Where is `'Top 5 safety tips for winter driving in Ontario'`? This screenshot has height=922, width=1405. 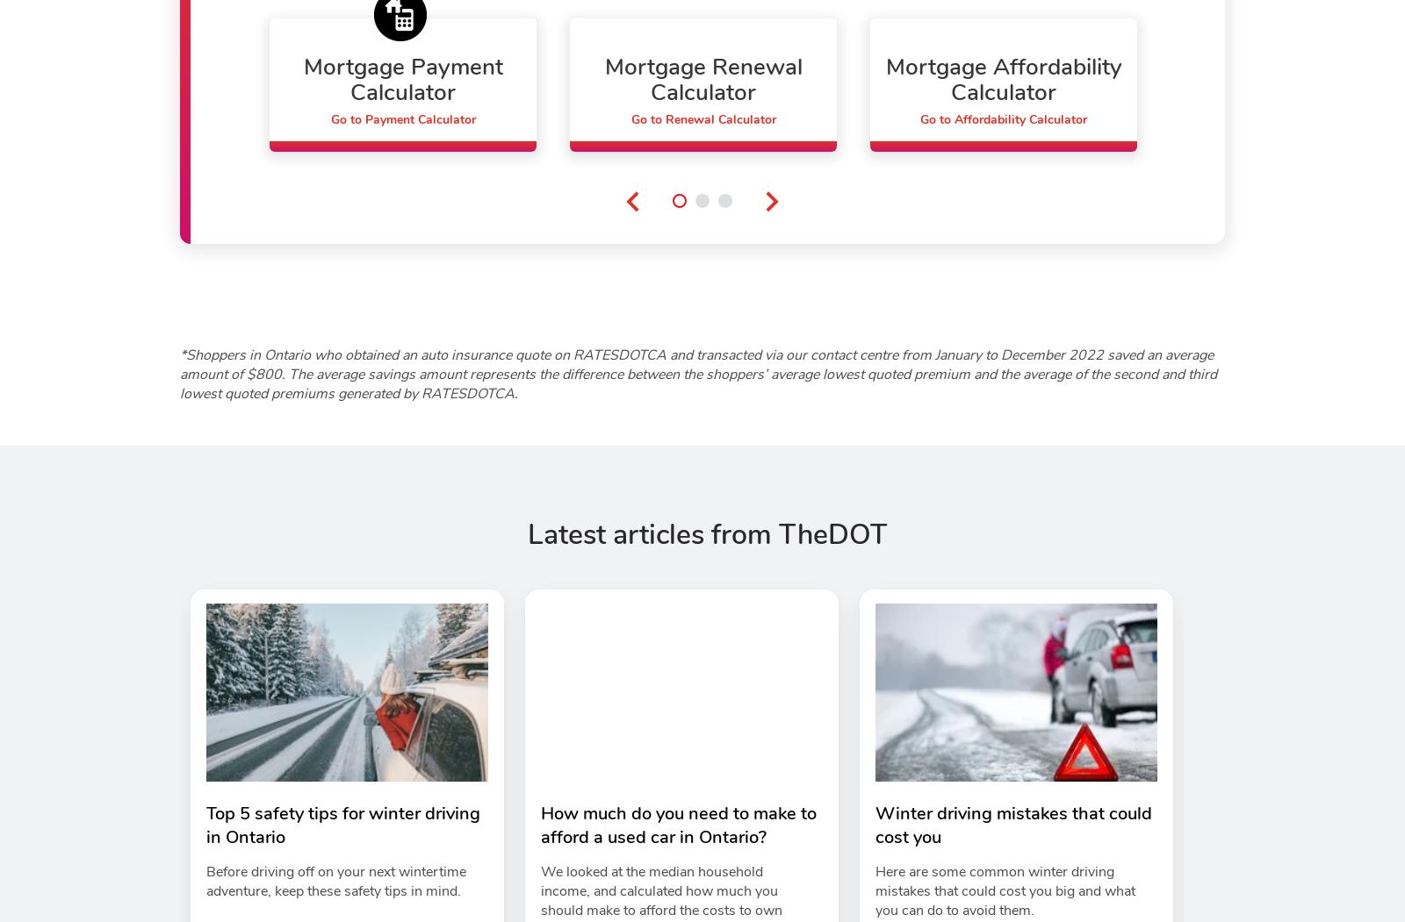 'Top 5 safety tips for winter driving in Ontario' is located at coordinates (343, 824).